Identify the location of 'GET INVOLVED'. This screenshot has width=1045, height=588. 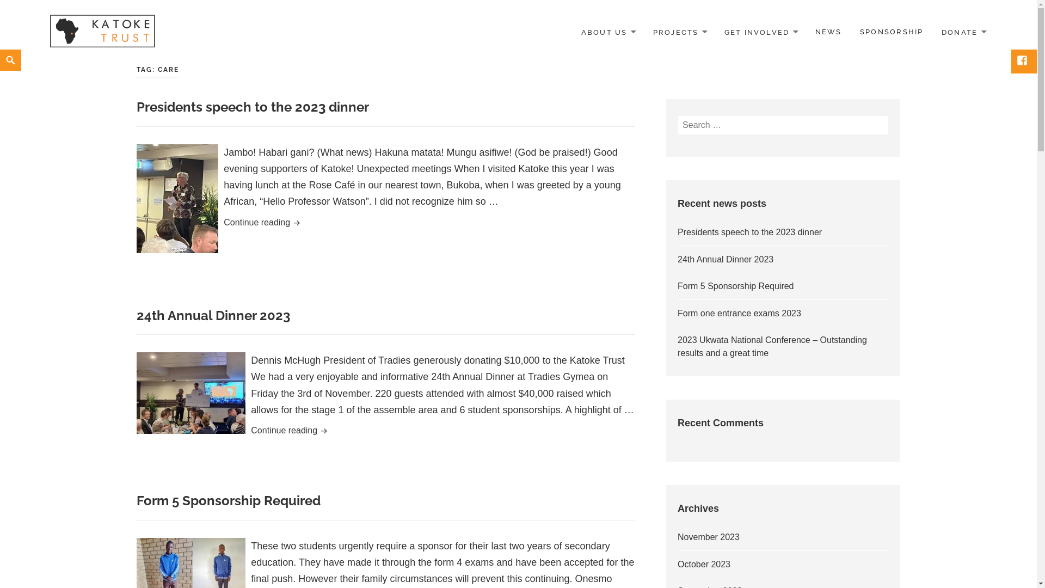
(716, 32).